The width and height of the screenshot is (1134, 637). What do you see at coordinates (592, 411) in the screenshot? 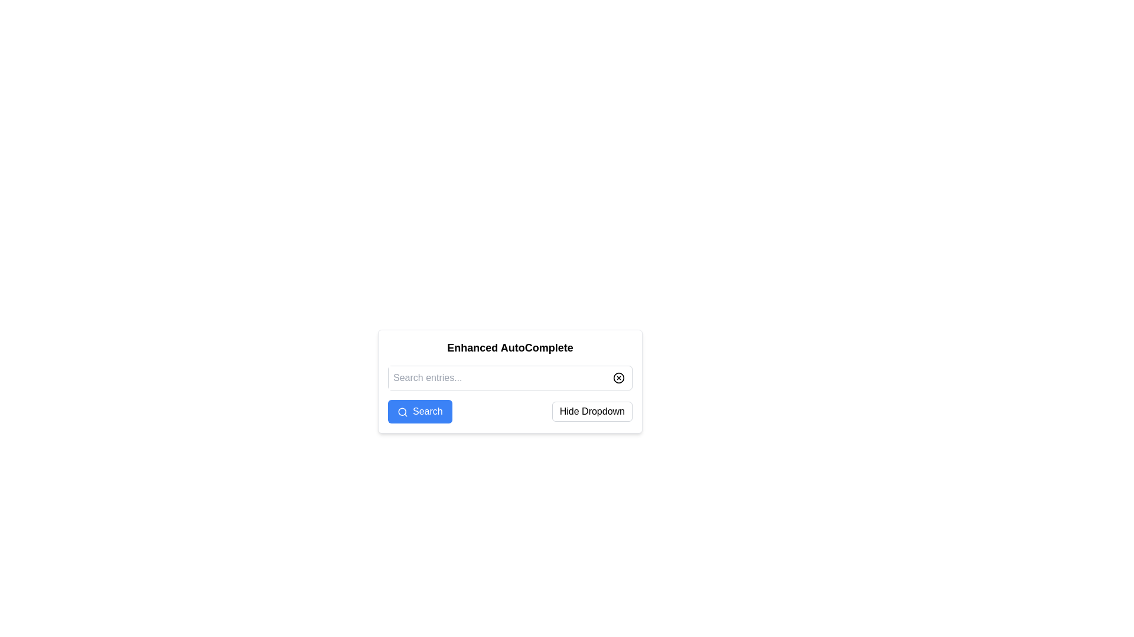
I see `the toggle button located to the right of the 'Search' button` at bounding box center [592, 411].